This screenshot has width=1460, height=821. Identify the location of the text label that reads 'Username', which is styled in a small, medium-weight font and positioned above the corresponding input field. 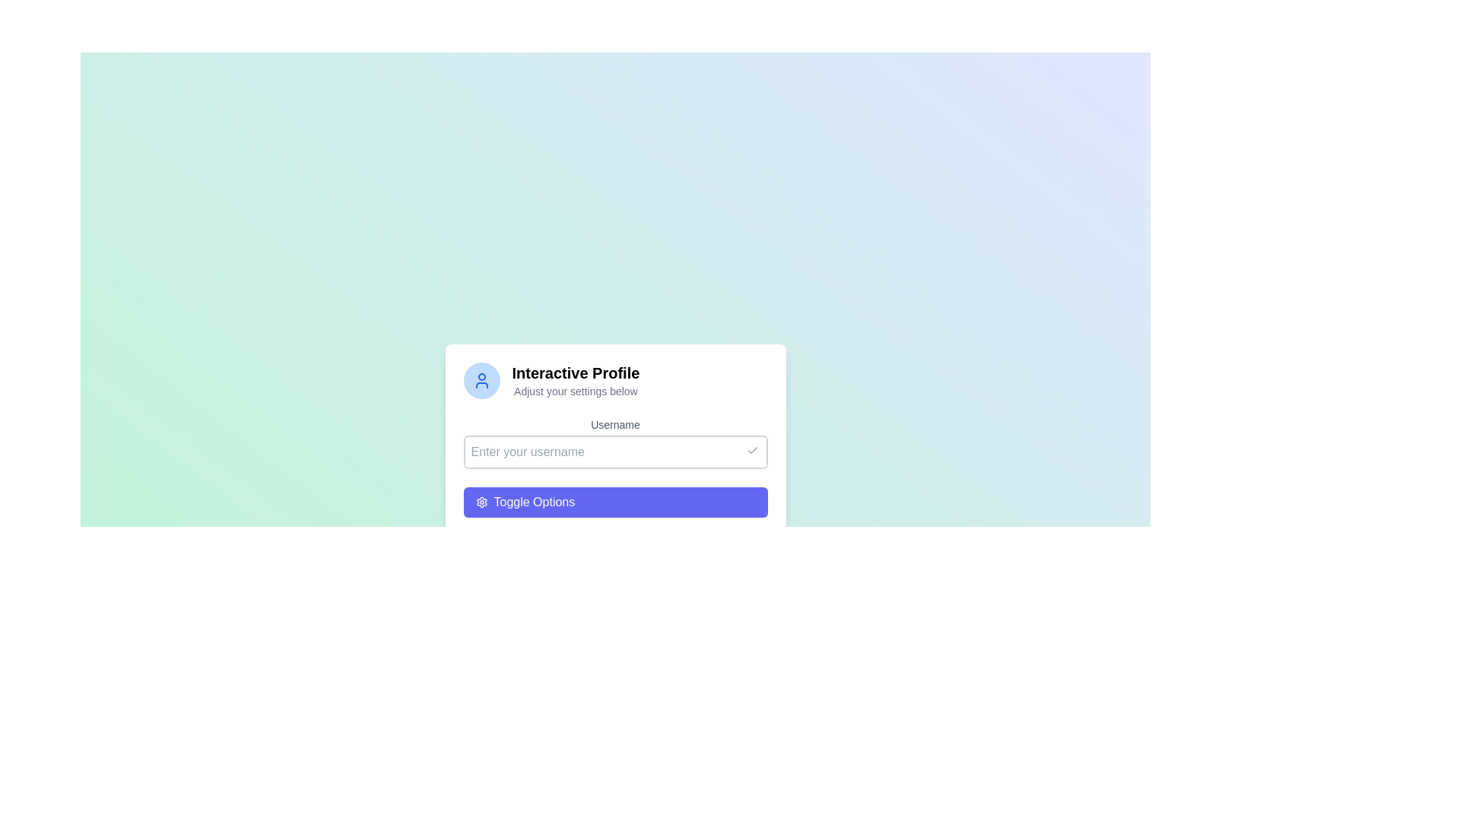
(615, 425).